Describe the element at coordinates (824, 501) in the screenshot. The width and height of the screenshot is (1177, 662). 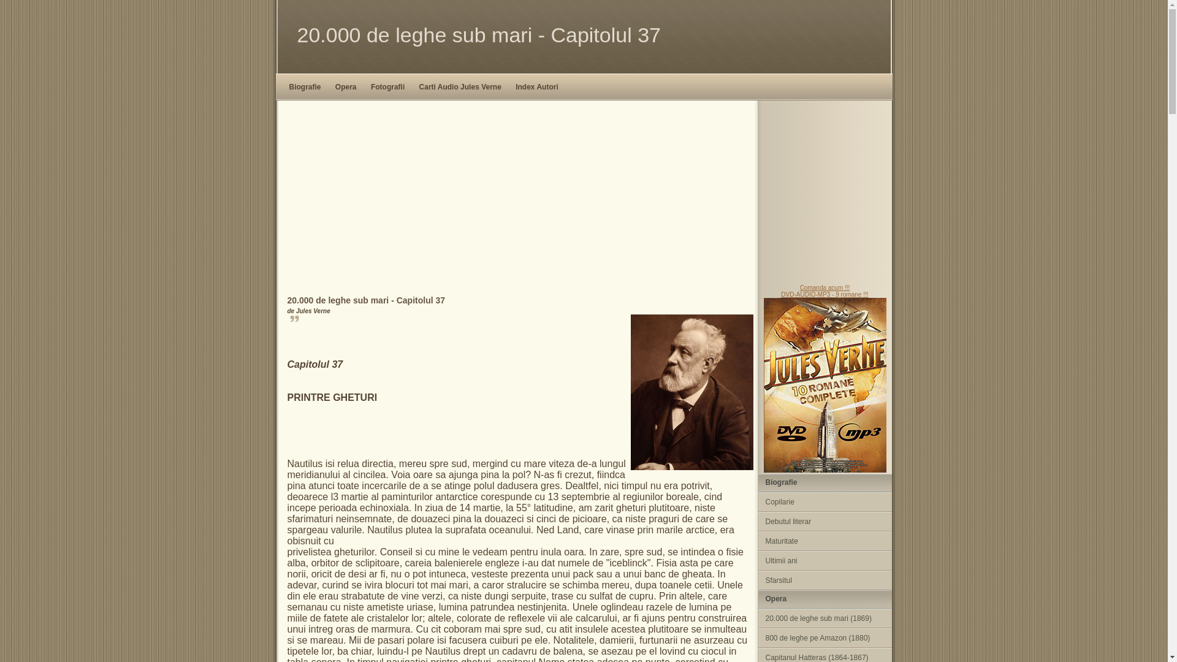
I see `'Copilarie'` at that location.